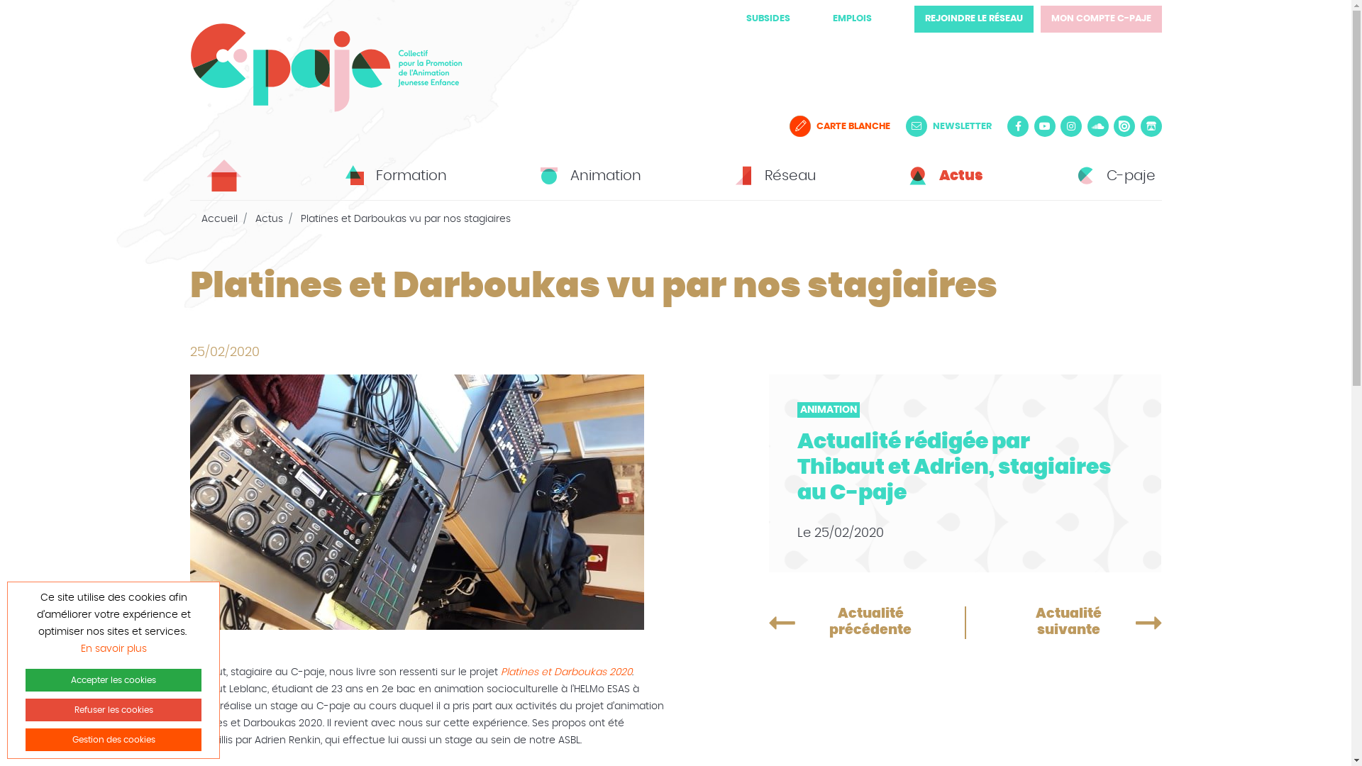  Describe the element at coordinates (1100, 19) in the screenshot. I see `'MON COMPTE C-PAJE'` at that location.